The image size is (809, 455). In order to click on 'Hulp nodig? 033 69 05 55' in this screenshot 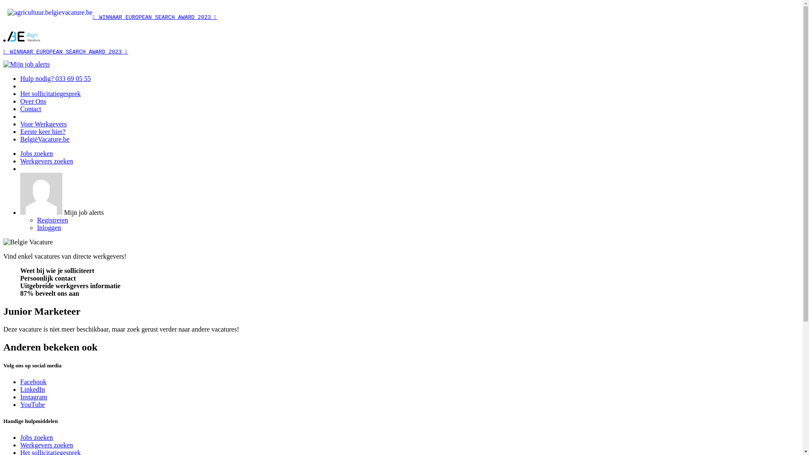, I will do `click(55, 78)`.